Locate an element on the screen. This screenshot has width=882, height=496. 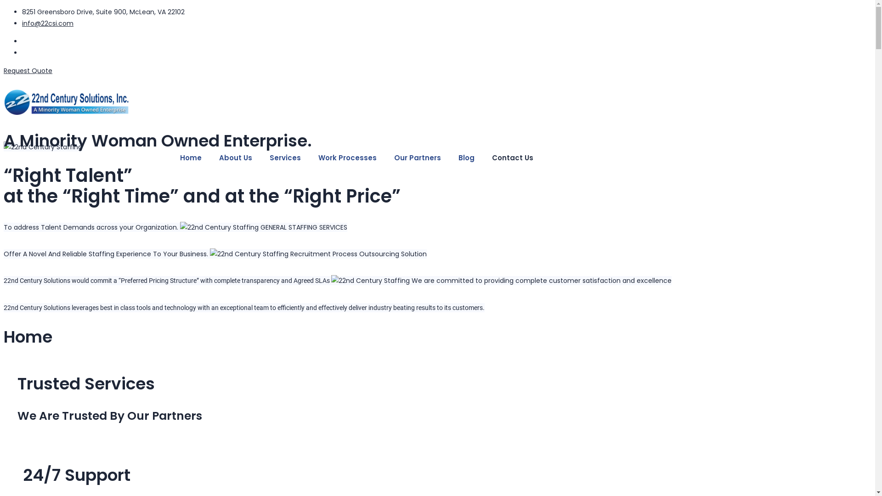
'Our Partners' is located at coordinates (417, 157).